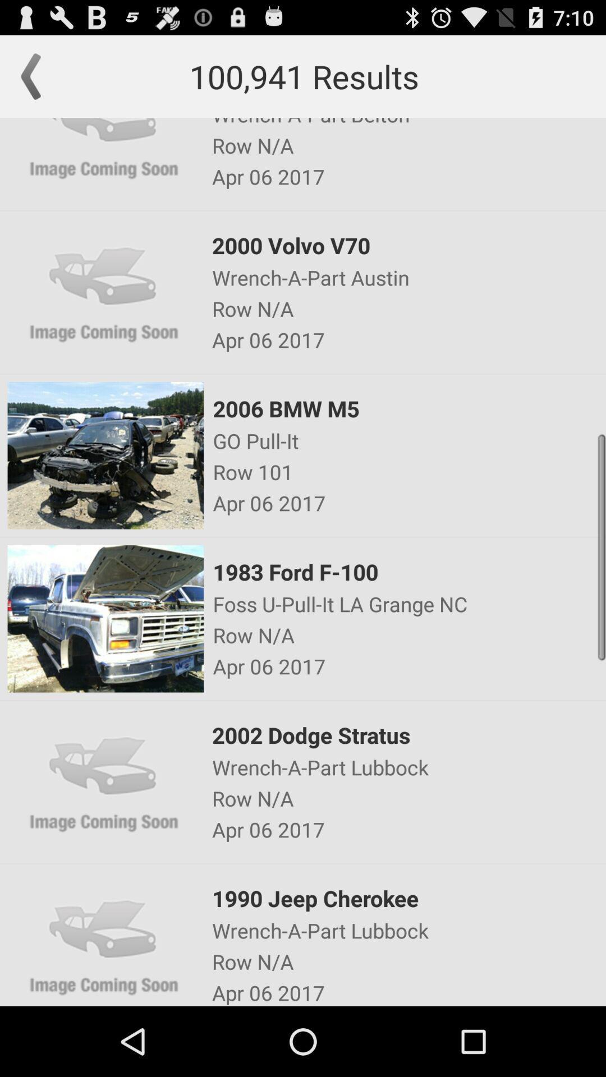 This screenshot has width=606, height=1077. Describe the element at coordinates (408, 408) in the screenshot. I see `the 2006 bmw m5 icon` at that location.